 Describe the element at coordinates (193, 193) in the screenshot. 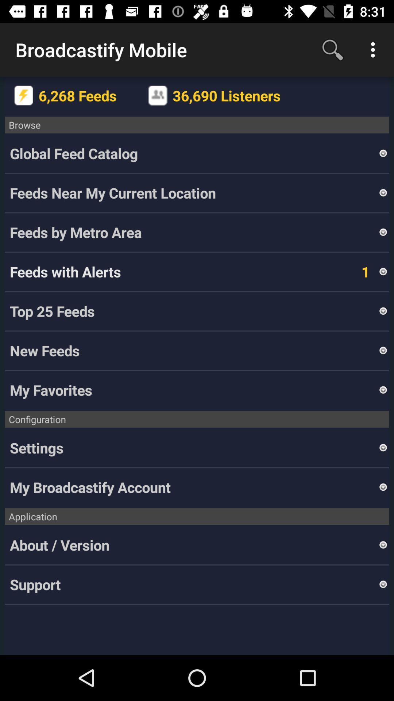

I see `item below the global feed catalog icon` at that location.